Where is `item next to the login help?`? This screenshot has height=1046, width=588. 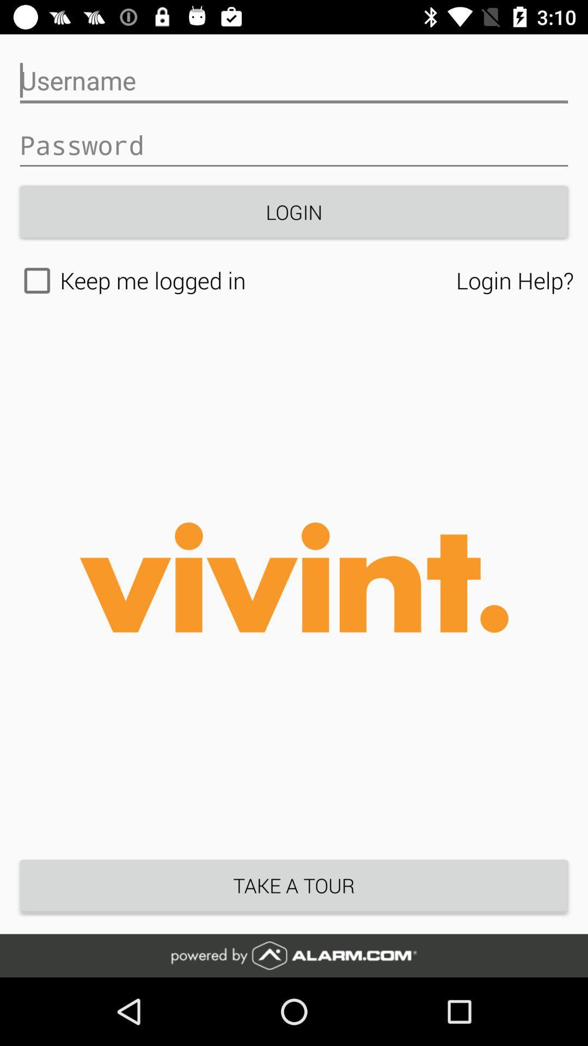 item next to the login help? is located at coordinates (235, 281).